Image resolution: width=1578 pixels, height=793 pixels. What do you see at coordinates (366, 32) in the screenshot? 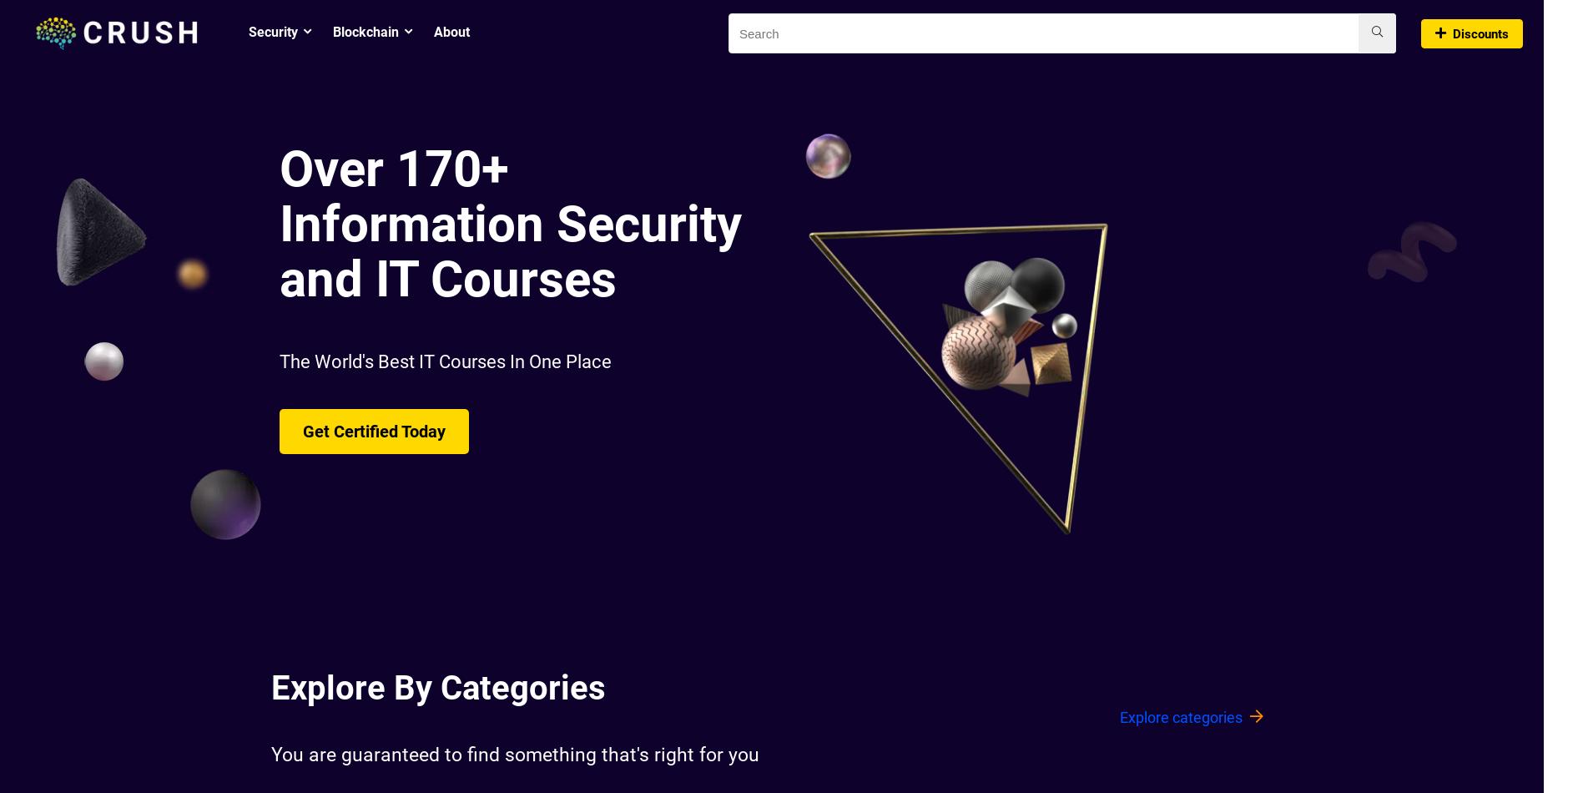
I see `'Blockchain'` at bounding box center [366, 32].